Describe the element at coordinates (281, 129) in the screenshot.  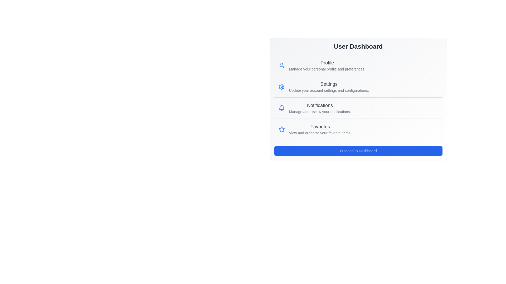
I see `the 'Favorites' icon located to the left of the 'Favorites' label in the vertical menu` at that location.